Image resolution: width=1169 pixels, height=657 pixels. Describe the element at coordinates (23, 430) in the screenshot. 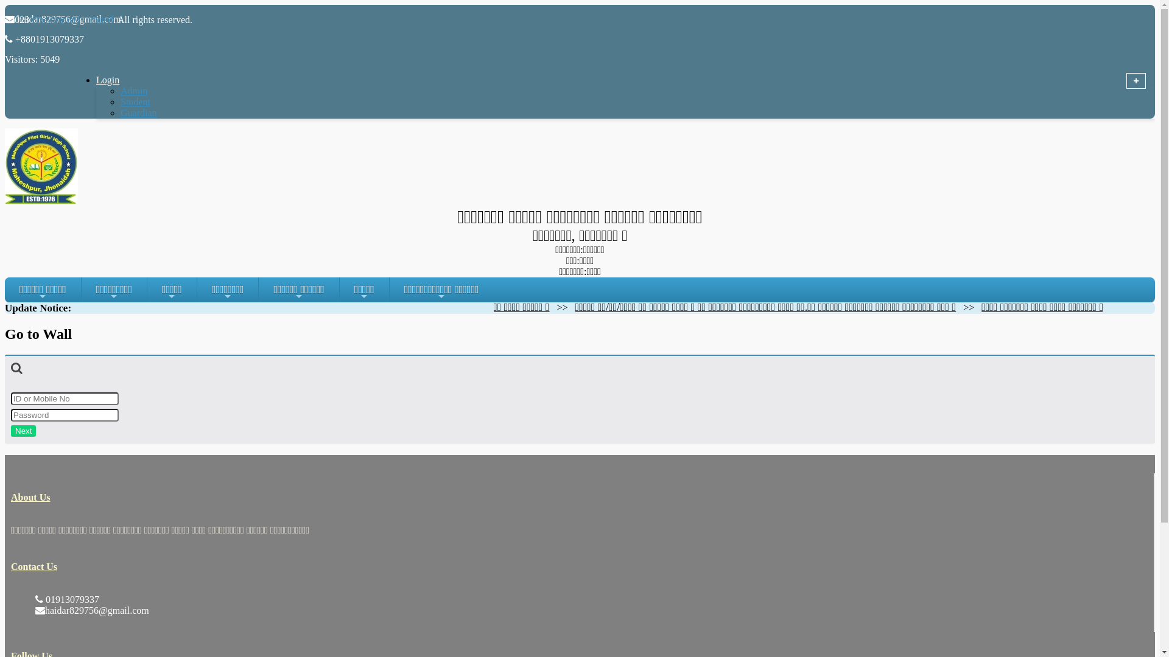

I see `'Next'` at that location.